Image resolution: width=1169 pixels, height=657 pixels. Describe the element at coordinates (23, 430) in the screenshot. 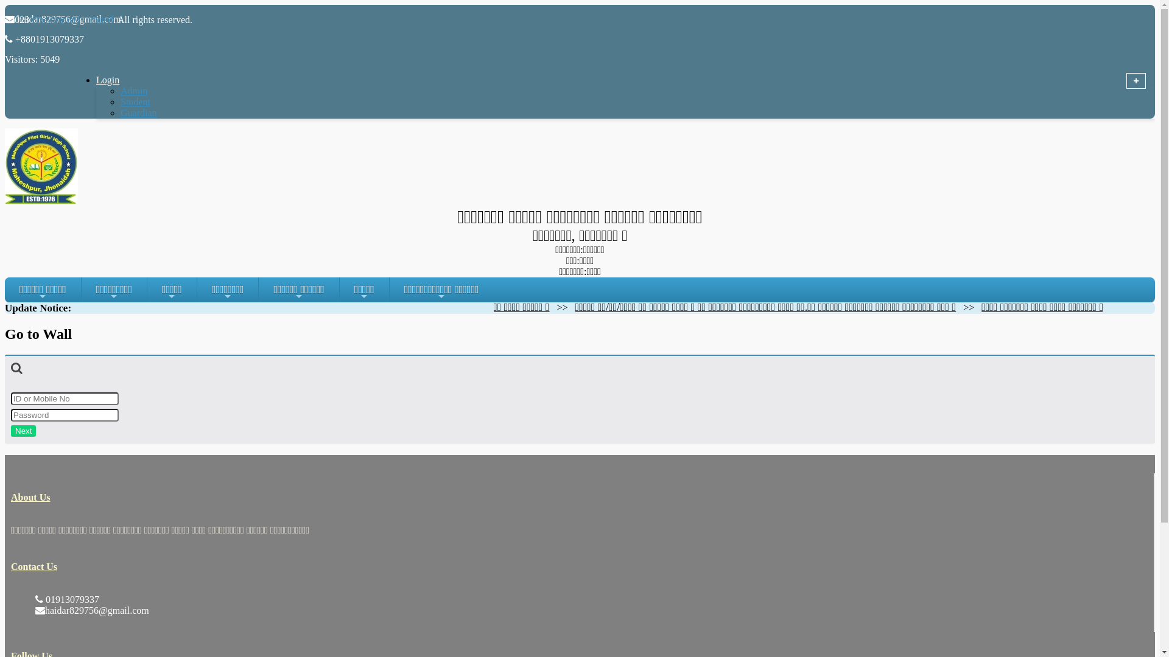

I see `'Next'` at that location.